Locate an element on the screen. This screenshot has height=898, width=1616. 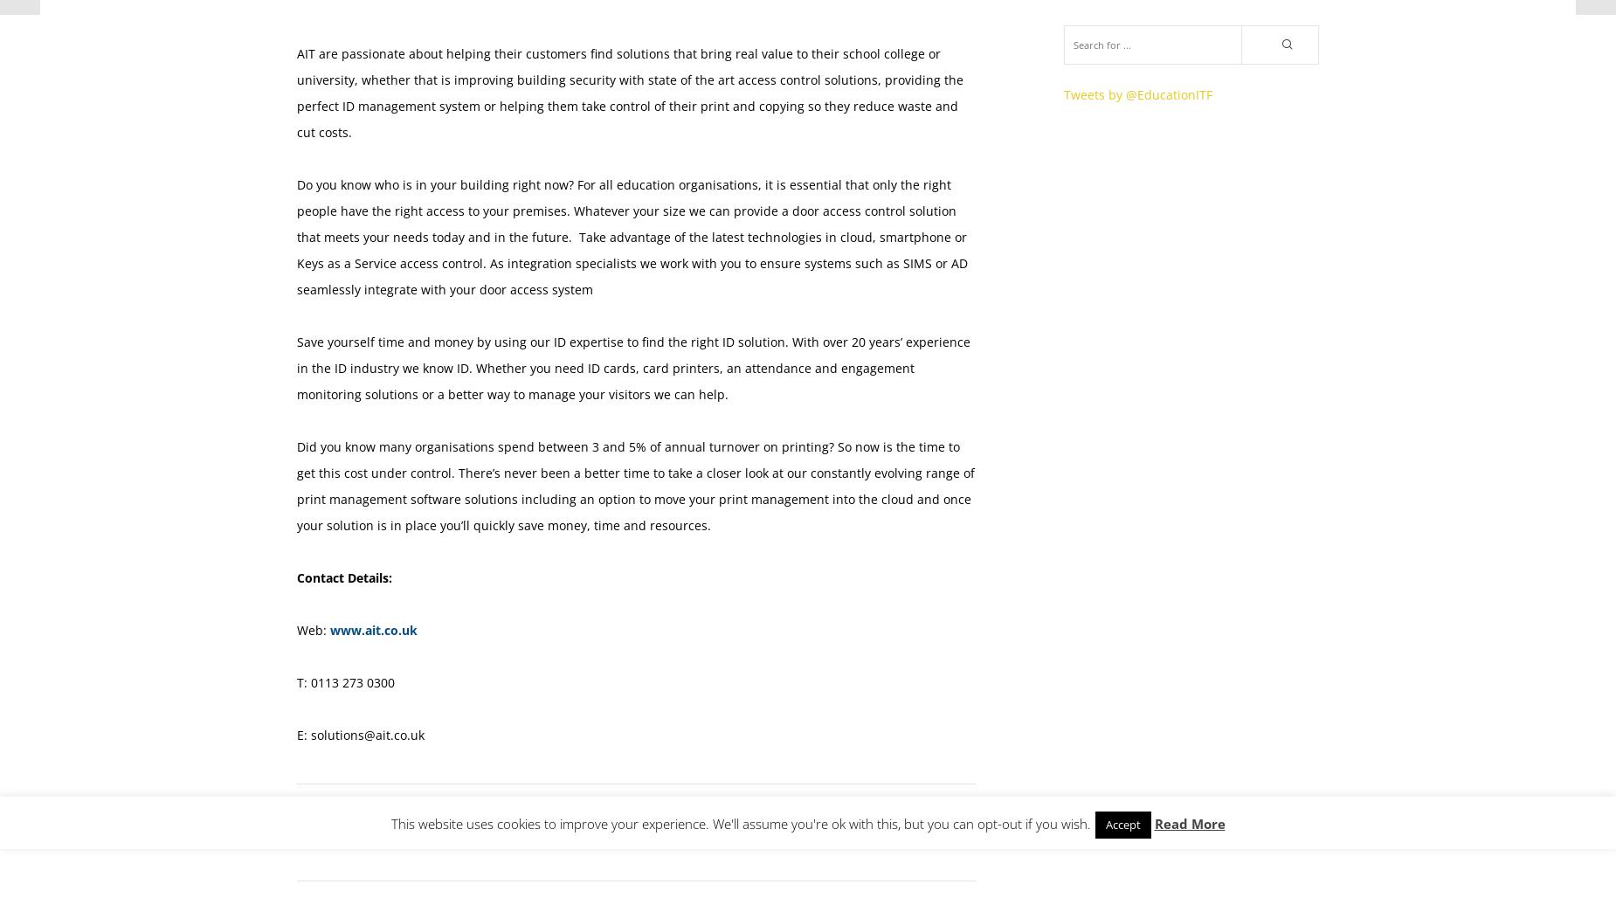
'E: solutions@ait.co.uk' is located at coordinates (359, 734).